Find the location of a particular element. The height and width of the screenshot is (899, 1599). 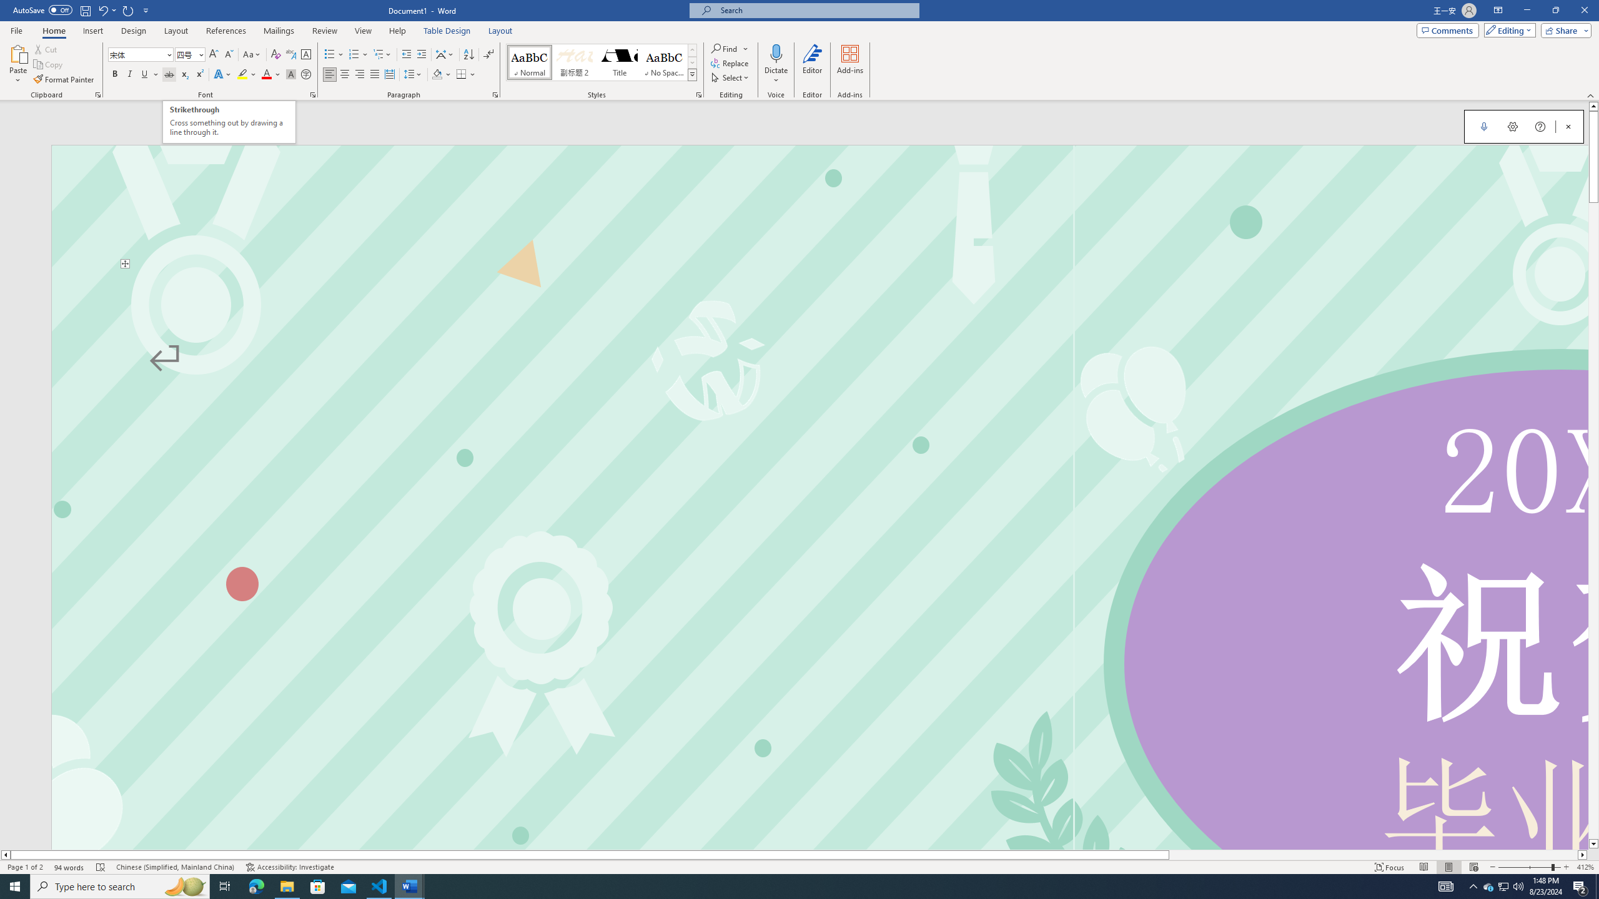

'Line up' is located at coordinates (1593, 105).